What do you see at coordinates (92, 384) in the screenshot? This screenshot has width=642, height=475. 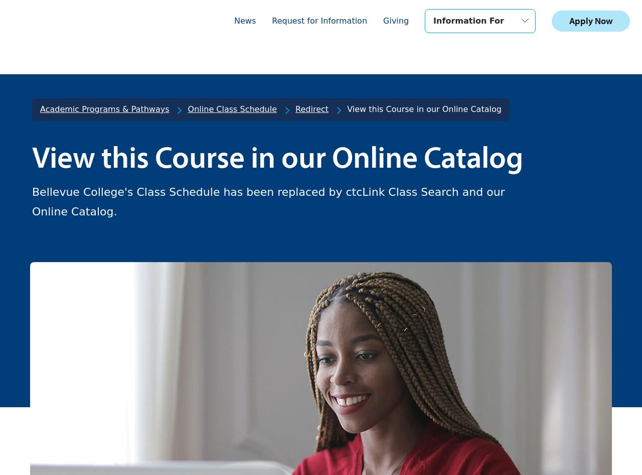 I see `'Admissions & Aid'` at bounding box center [92, 384].